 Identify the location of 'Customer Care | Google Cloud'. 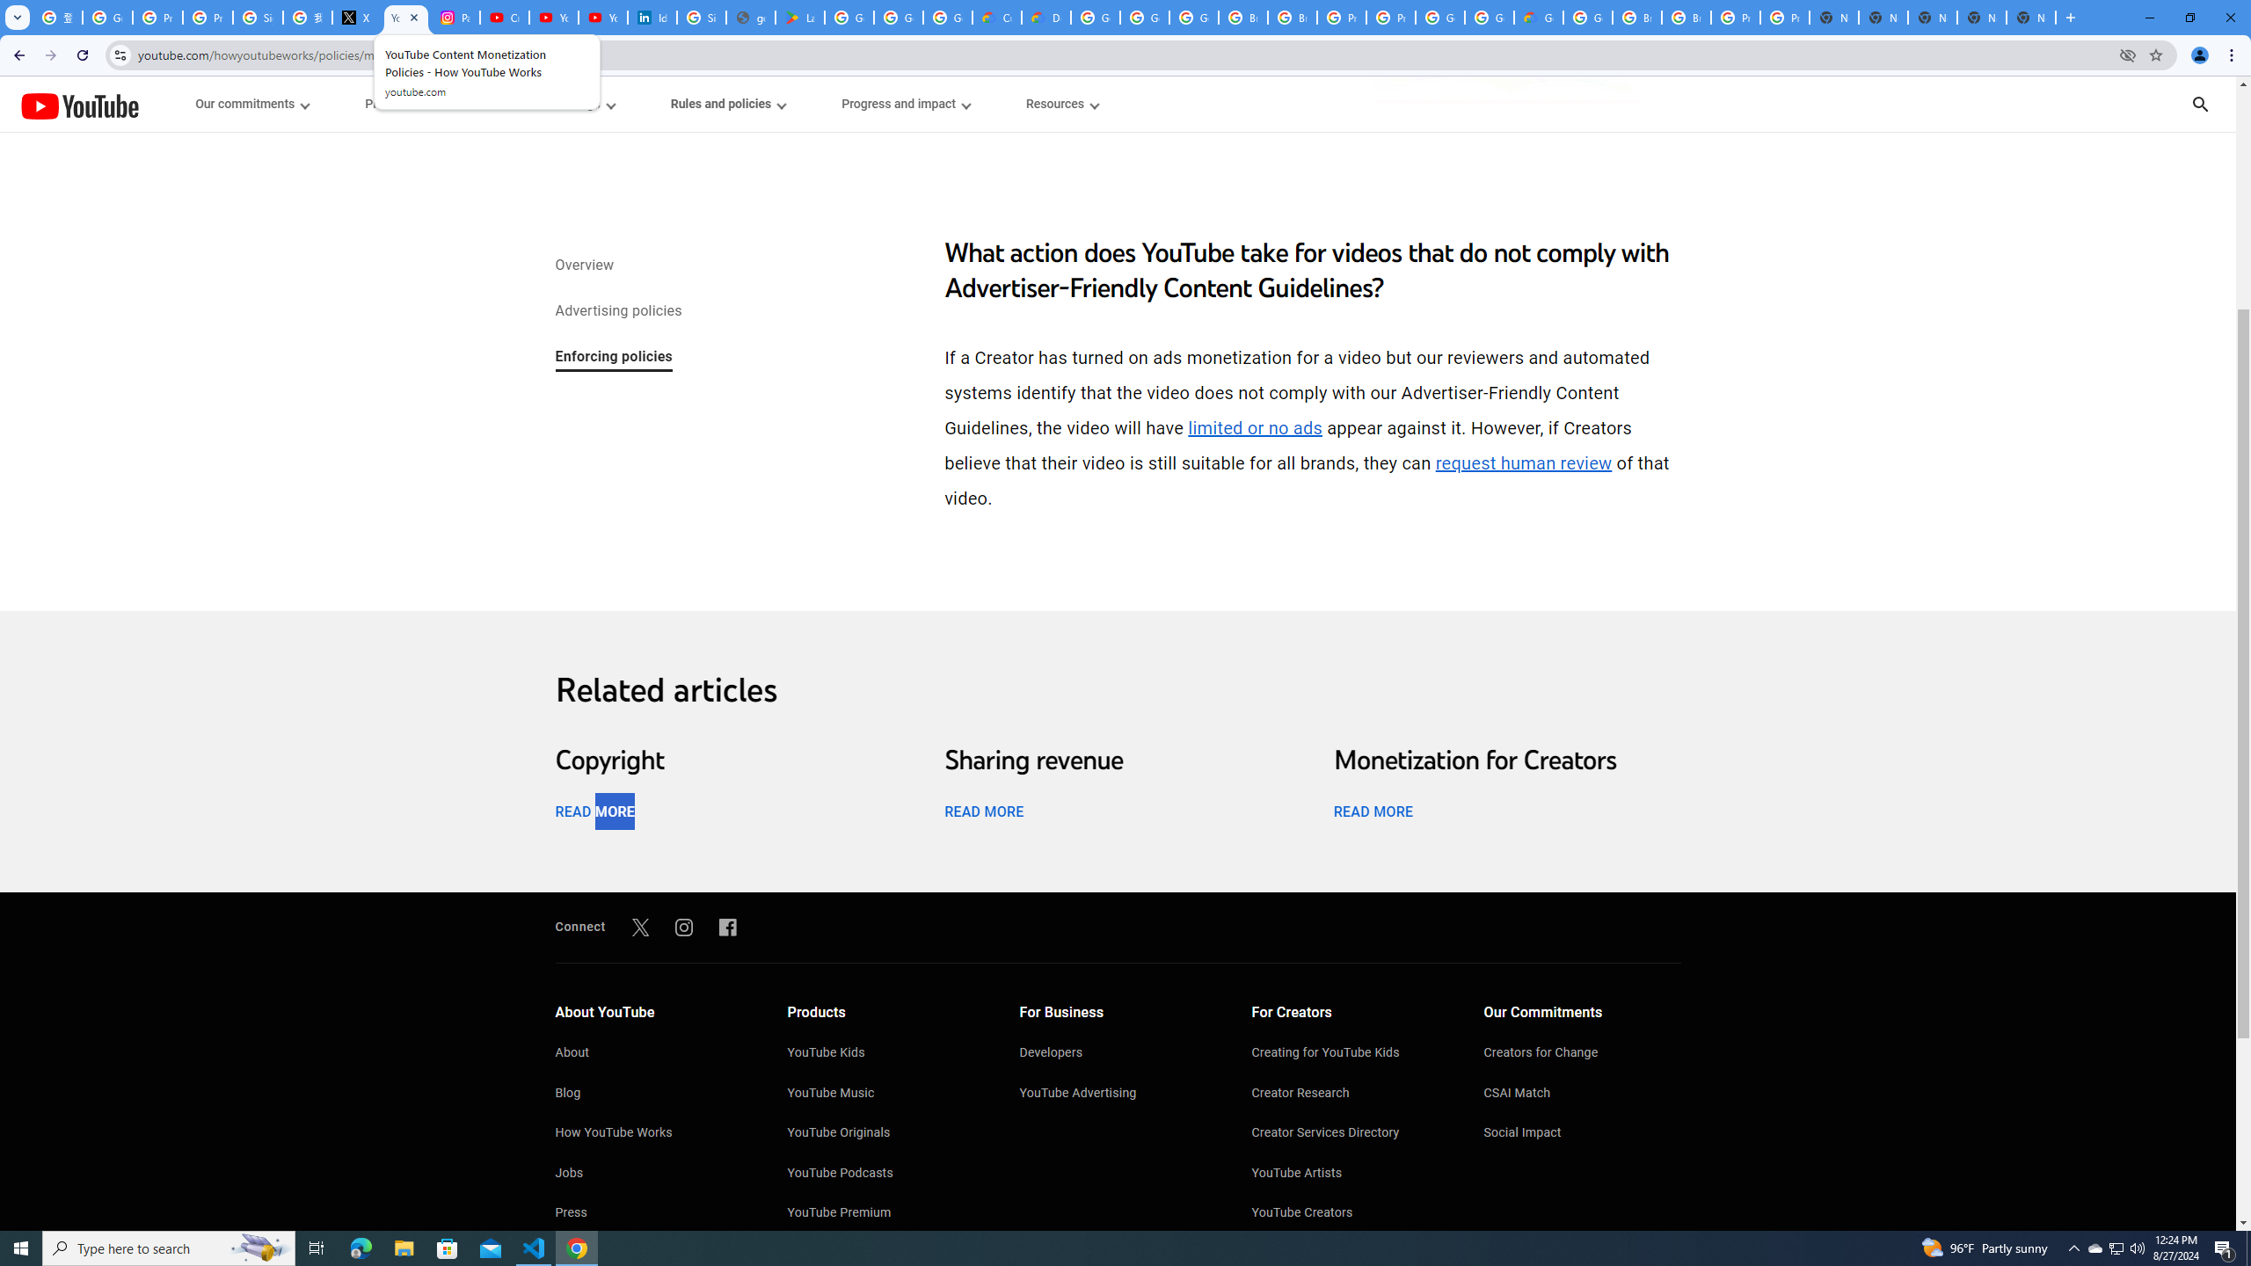
(996, 17).